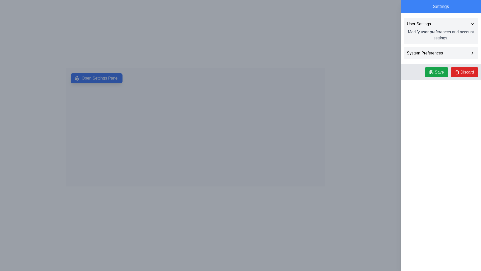  Describe the element at coordinates (96, 78) in the screenshot. I see `the rectangular button with rounded corners that has a blue background and white text saying 'Open Settings Panel'` at that location.